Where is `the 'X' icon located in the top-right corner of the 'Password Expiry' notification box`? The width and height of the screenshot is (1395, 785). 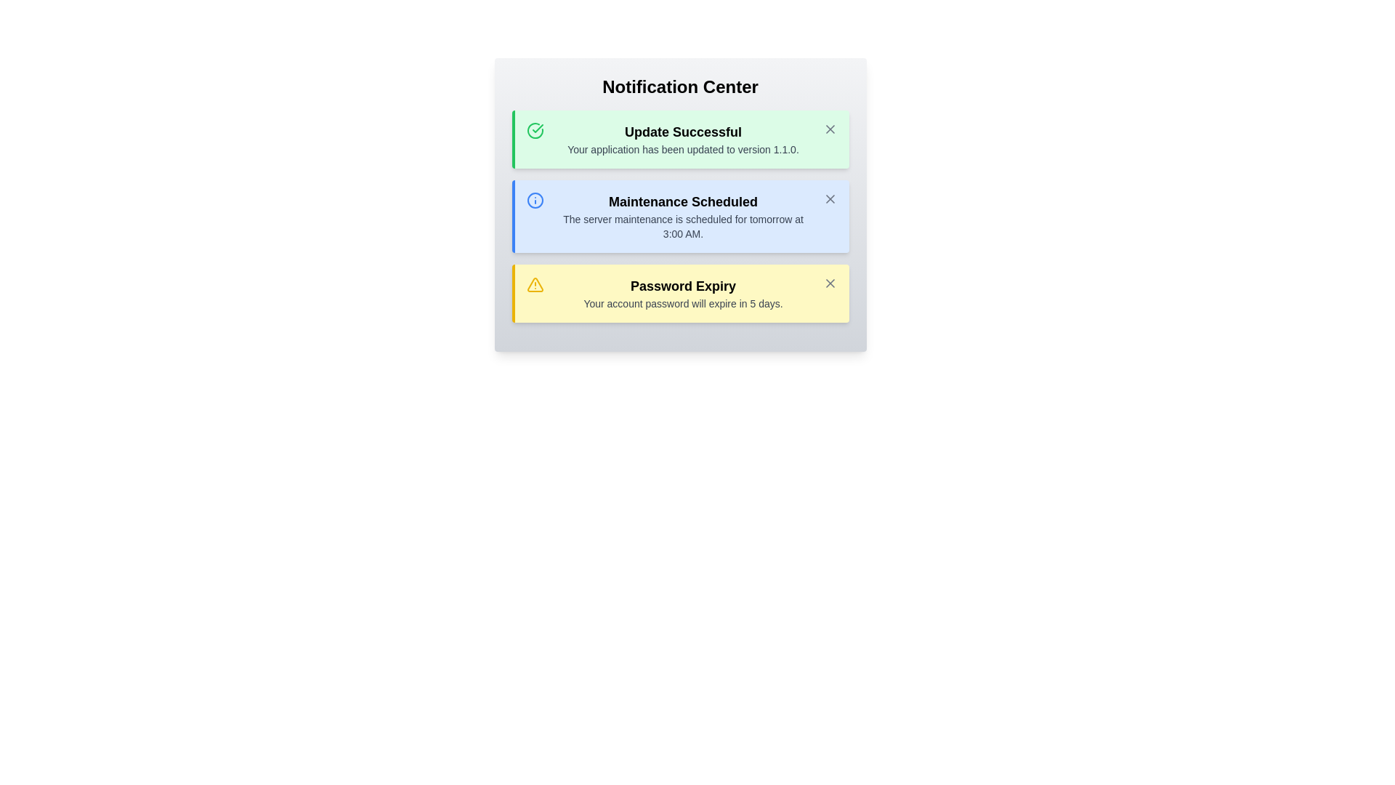
the 'X' icon located in the top-right corner of the 'Password Expiry' notification box is located at coordinates (830, 283).